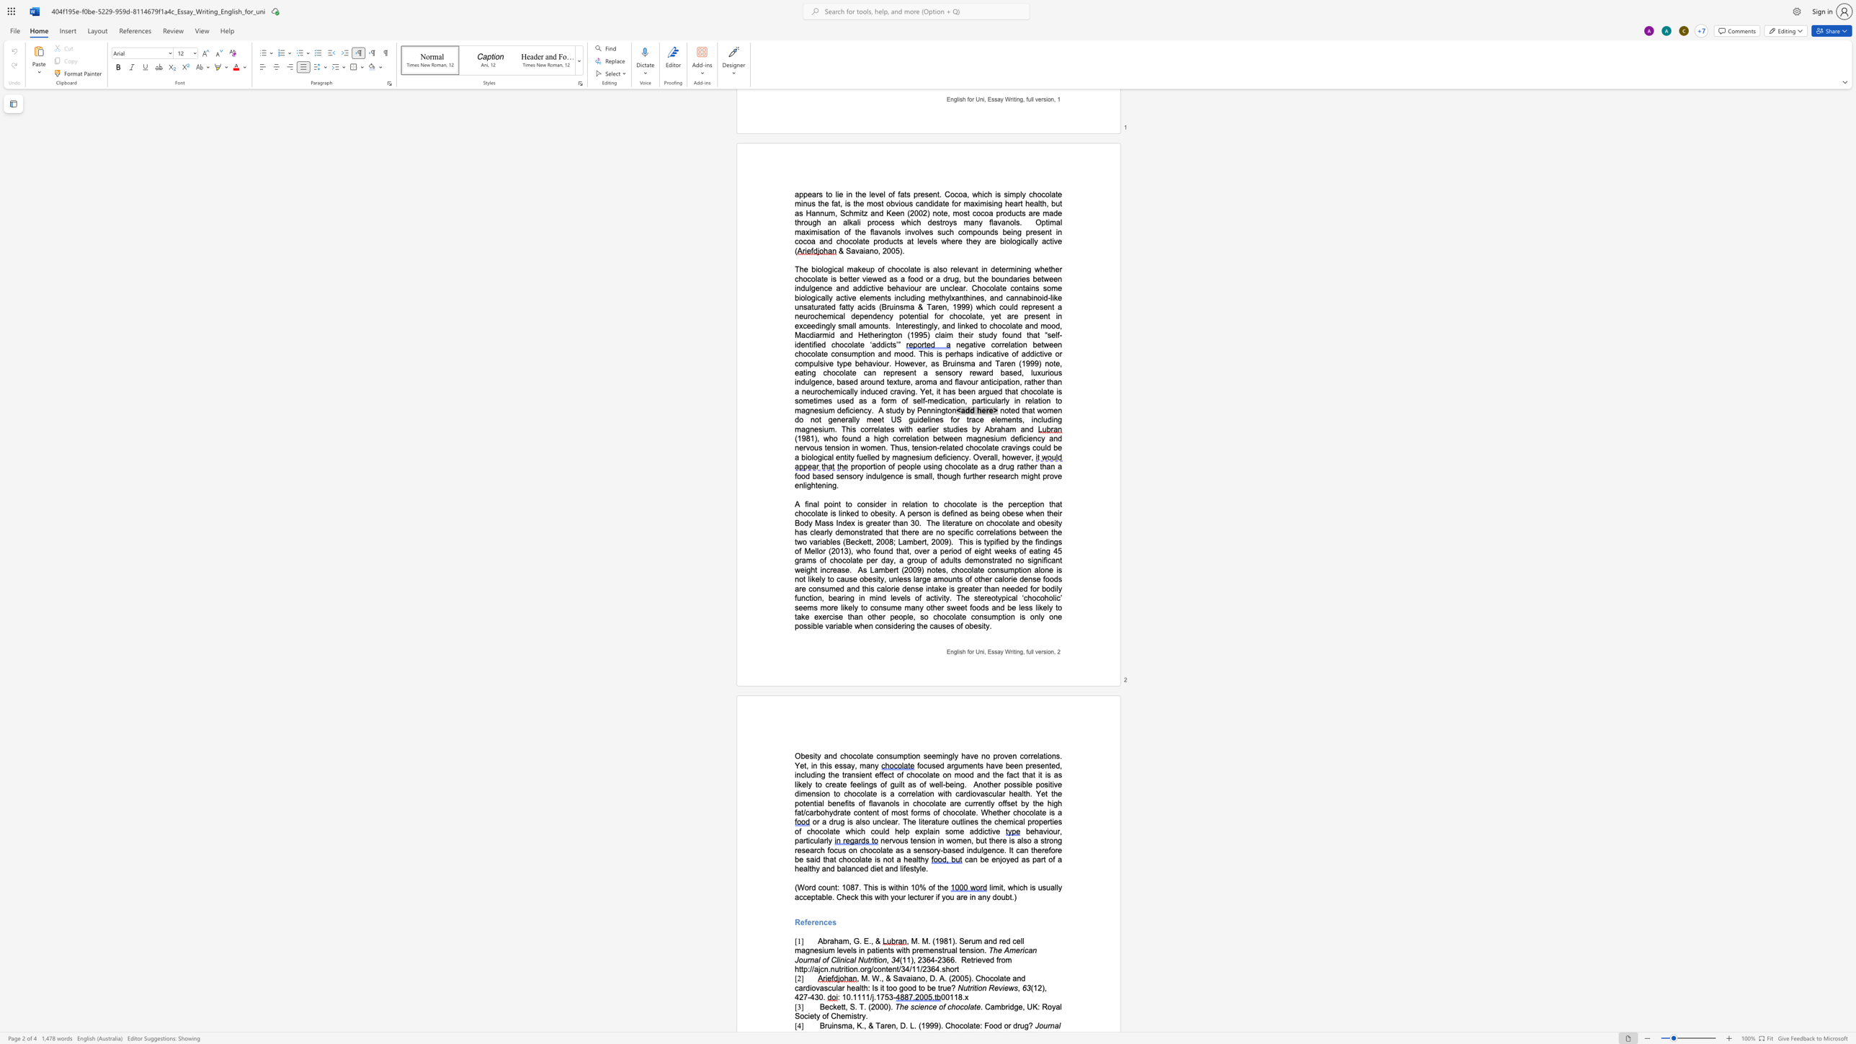 This screenshot has height=1044, width=1856. What do you see at coordinates (798, 968) in the screenshot?
I see `the space between the continuous character "h" and "t" in the text` at bounding box center [798, 968].